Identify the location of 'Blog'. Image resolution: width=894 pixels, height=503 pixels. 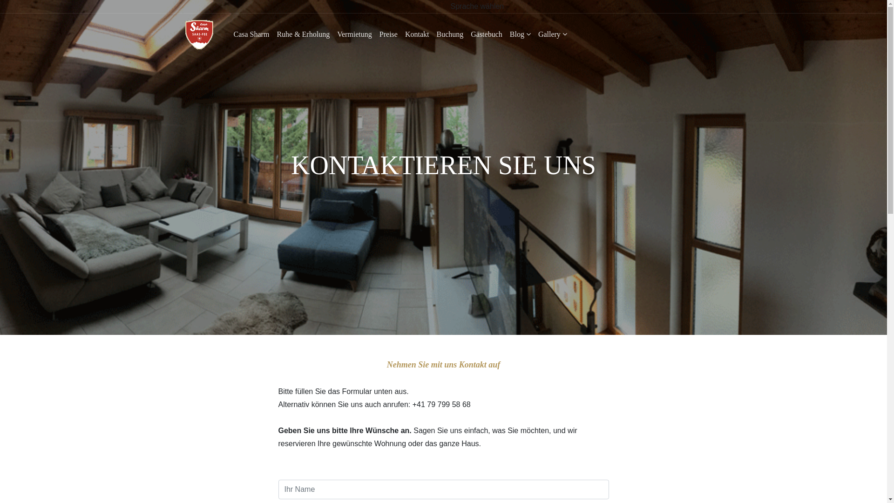
(520, 34).